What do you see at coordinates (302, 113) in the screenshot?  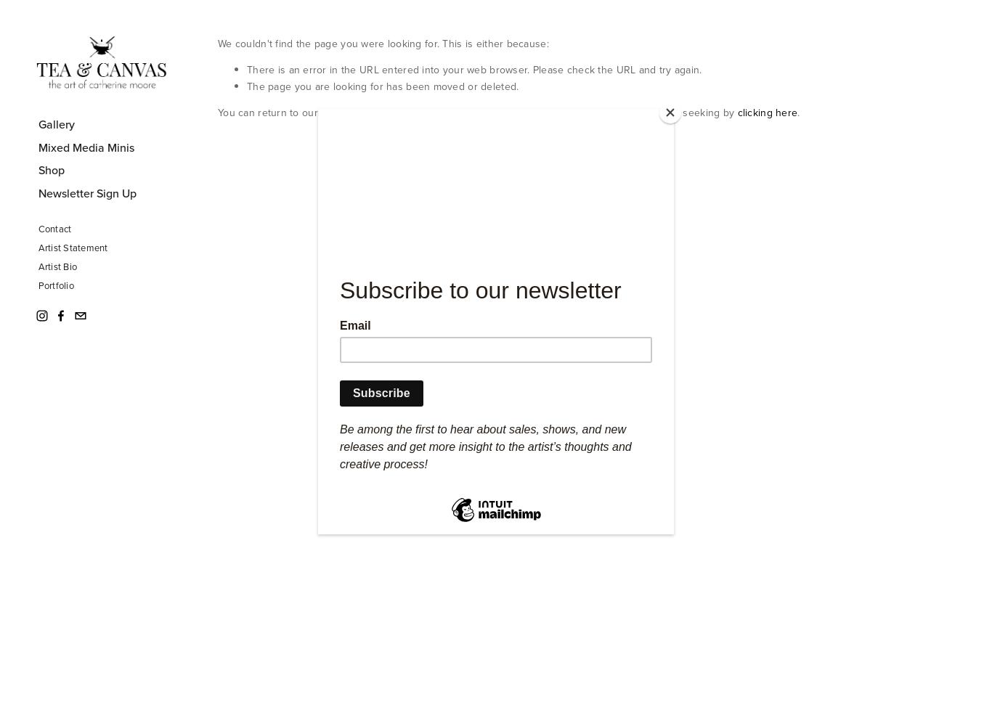 I see `'You can return to our homepage by'` at bounding box center [302, 113].